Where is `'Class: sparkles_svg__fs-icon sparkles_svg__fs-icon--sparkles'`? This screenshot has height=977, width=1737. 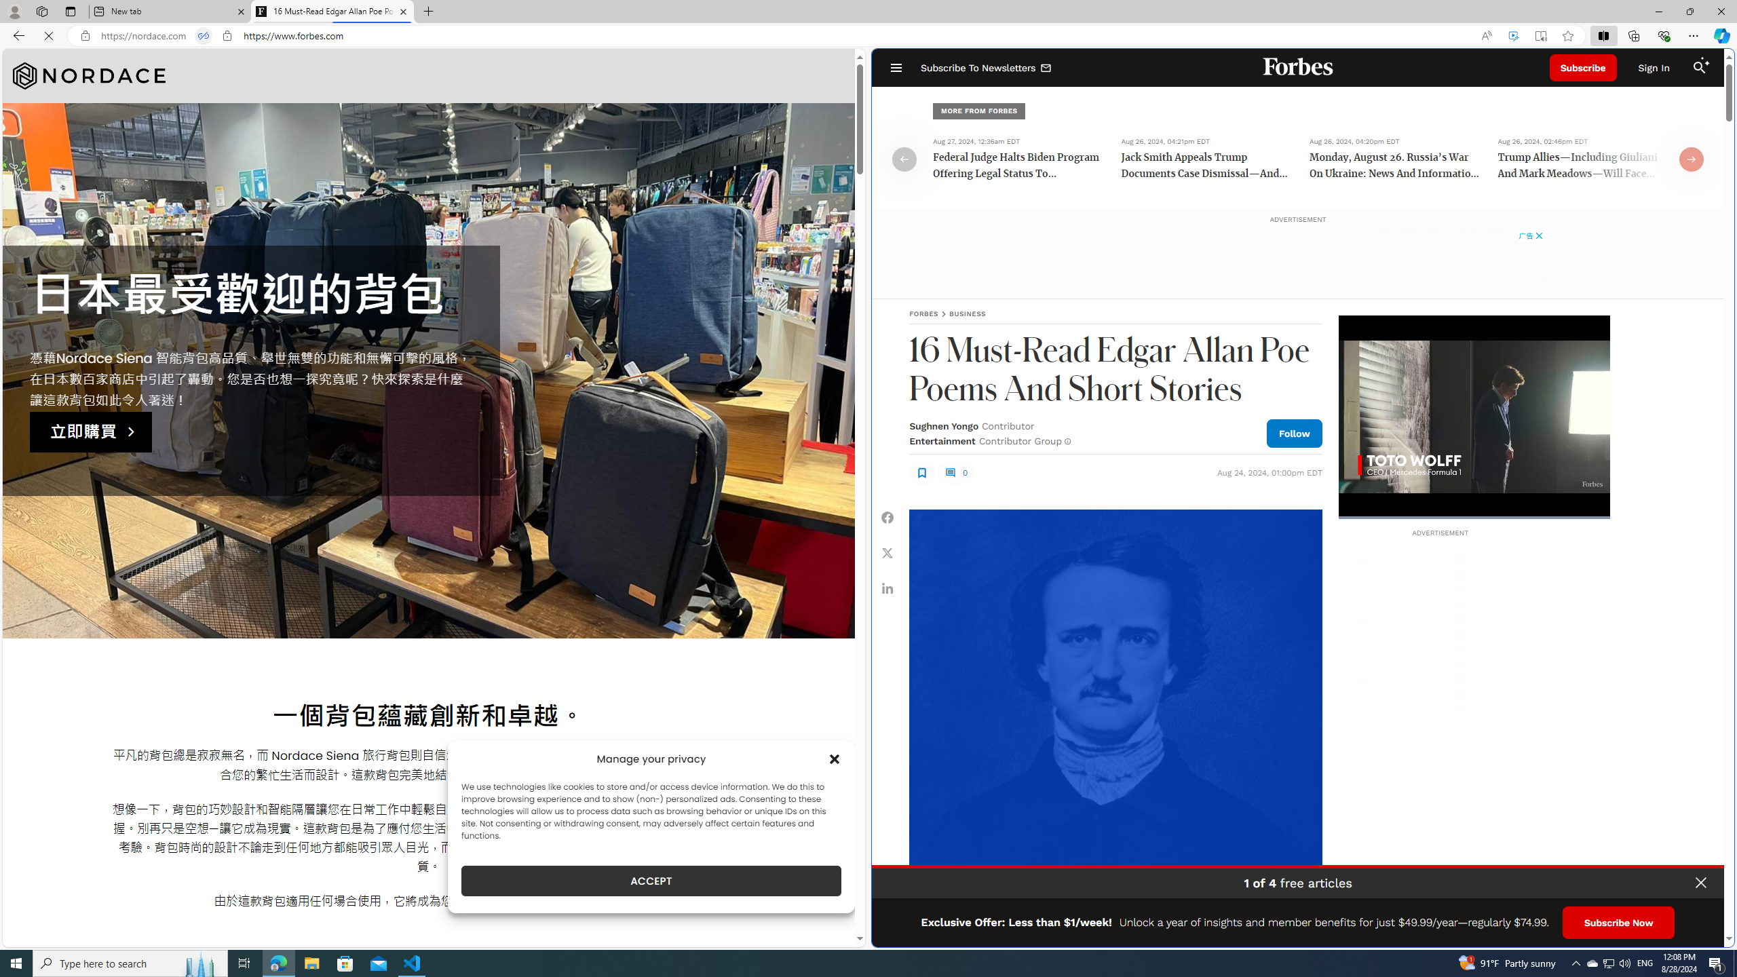
'Class: sparkles_svg__fs-icon sparkles_svg__fs-icon--sparkles' is located at coordinates (1706, 60).